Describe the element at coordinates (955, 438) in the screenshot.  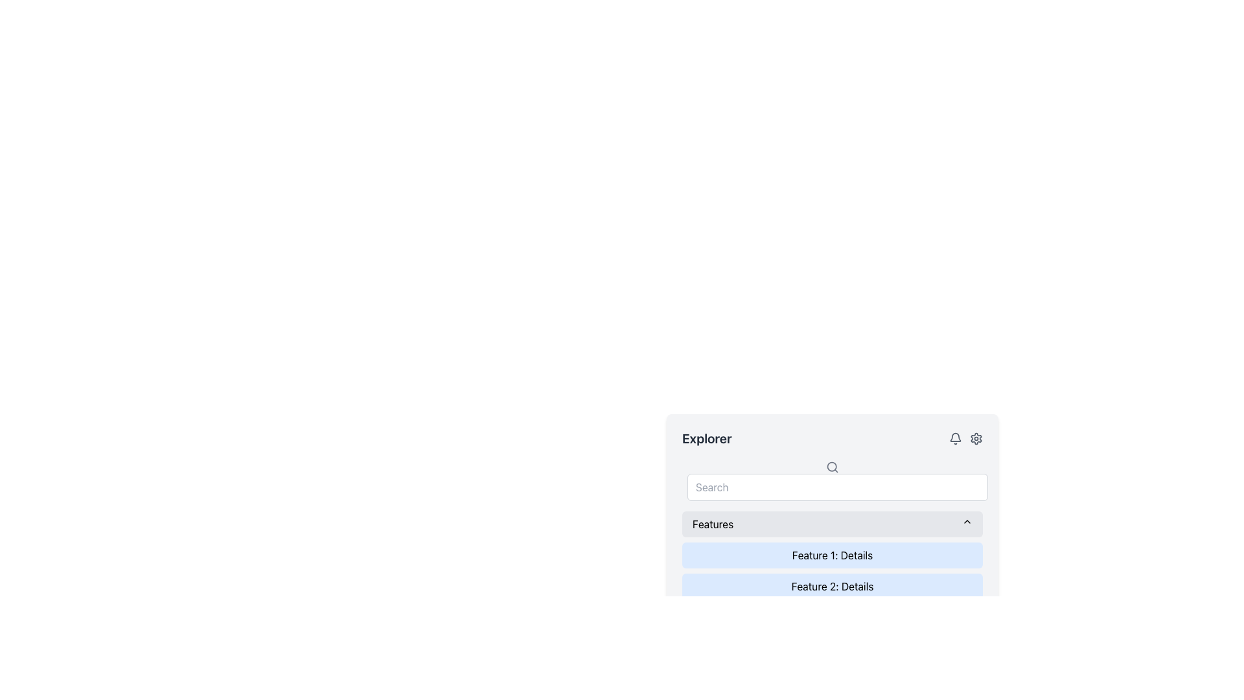
I see `the small gray bell icon in the top-right corner of the interface` at that location.